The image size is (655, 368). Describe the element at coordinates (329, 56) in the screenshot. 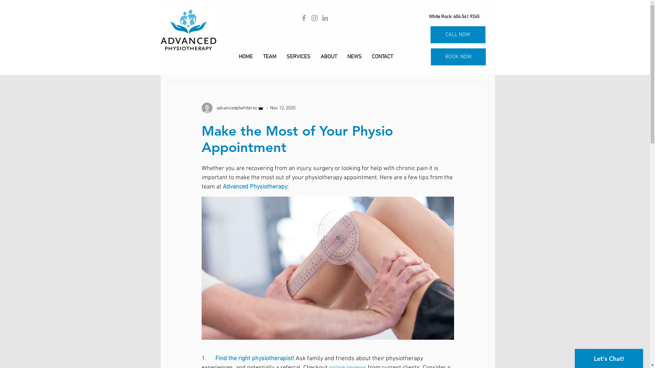

I see `'ABOUT'` at that location.